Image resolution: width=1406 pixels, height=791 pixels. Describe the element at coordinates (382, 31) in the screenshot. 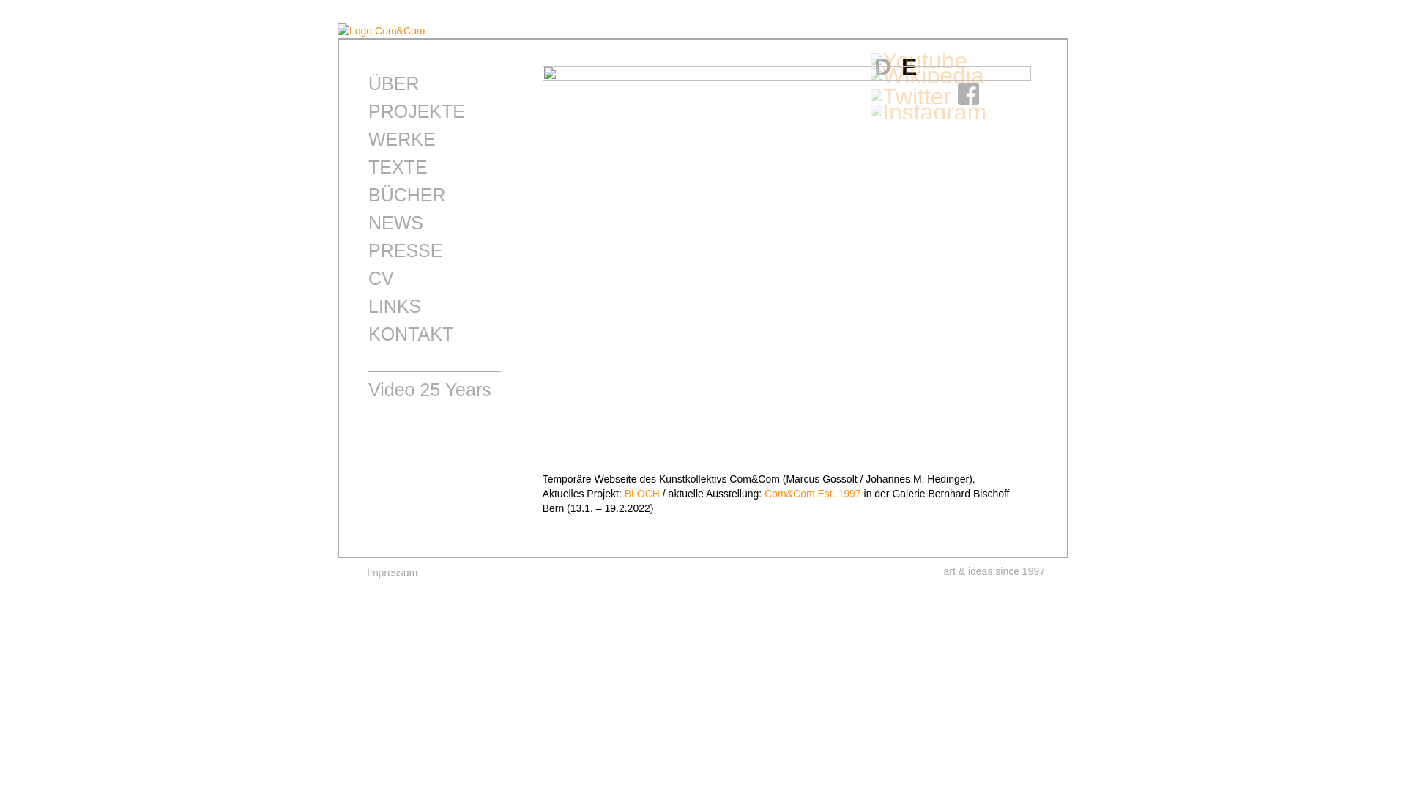

I see `'Home'` at that location.